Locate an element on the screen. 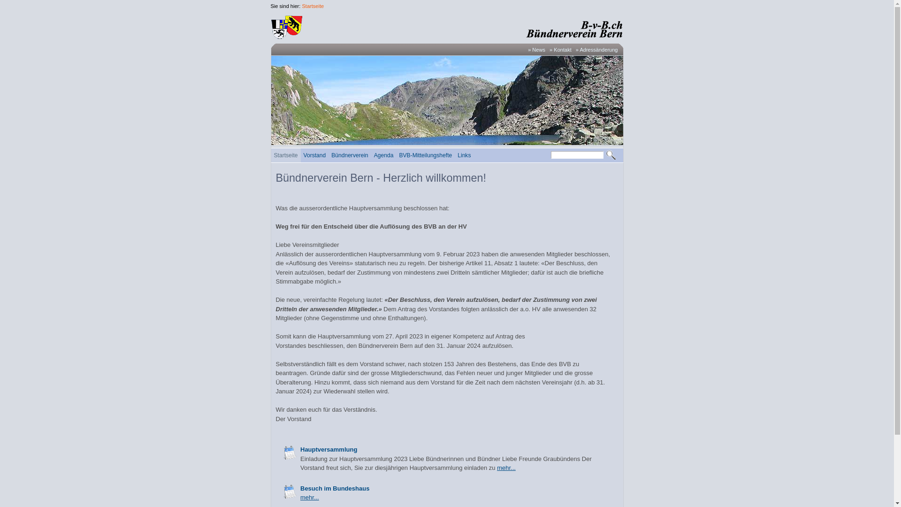  'Hauptversammlung' is located at coordinates (328, 449).